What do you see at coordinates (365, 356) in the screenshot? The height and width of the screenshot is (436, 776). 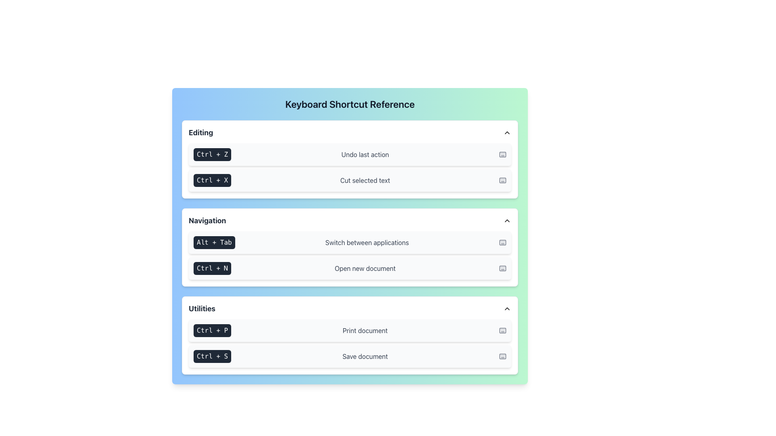 I see `the text label that indicates the function of the 'Ctrl + S' keyboard shortcut located in the bottom section of the 'Utilities' group` at bounding box center [365, 356].